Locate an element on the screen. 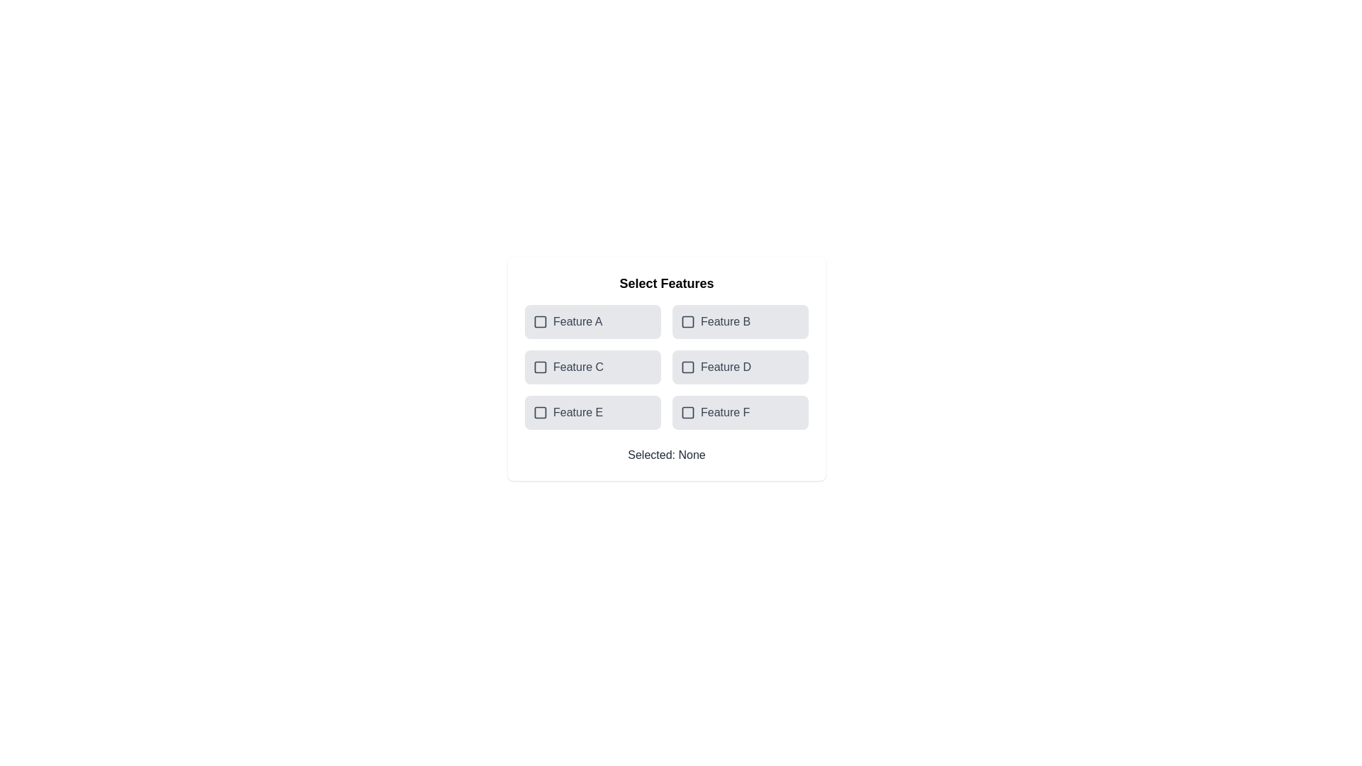 This screenshot has height=766, width=1362. the 'Feature E' checkbox button located at the bottom-left corner of the grid layout is located at coordinates (592, 413).